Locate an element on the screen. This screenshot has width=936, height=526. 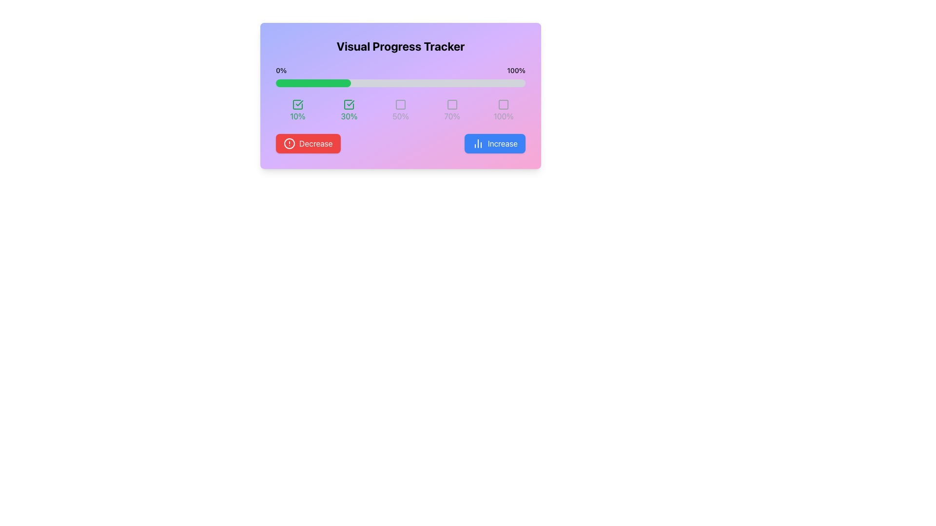
the label displaying '50%' which is centrally aligned below an icon, part of a sequence of percentage labels arranged horizontally is located at coordinates (400, 116).